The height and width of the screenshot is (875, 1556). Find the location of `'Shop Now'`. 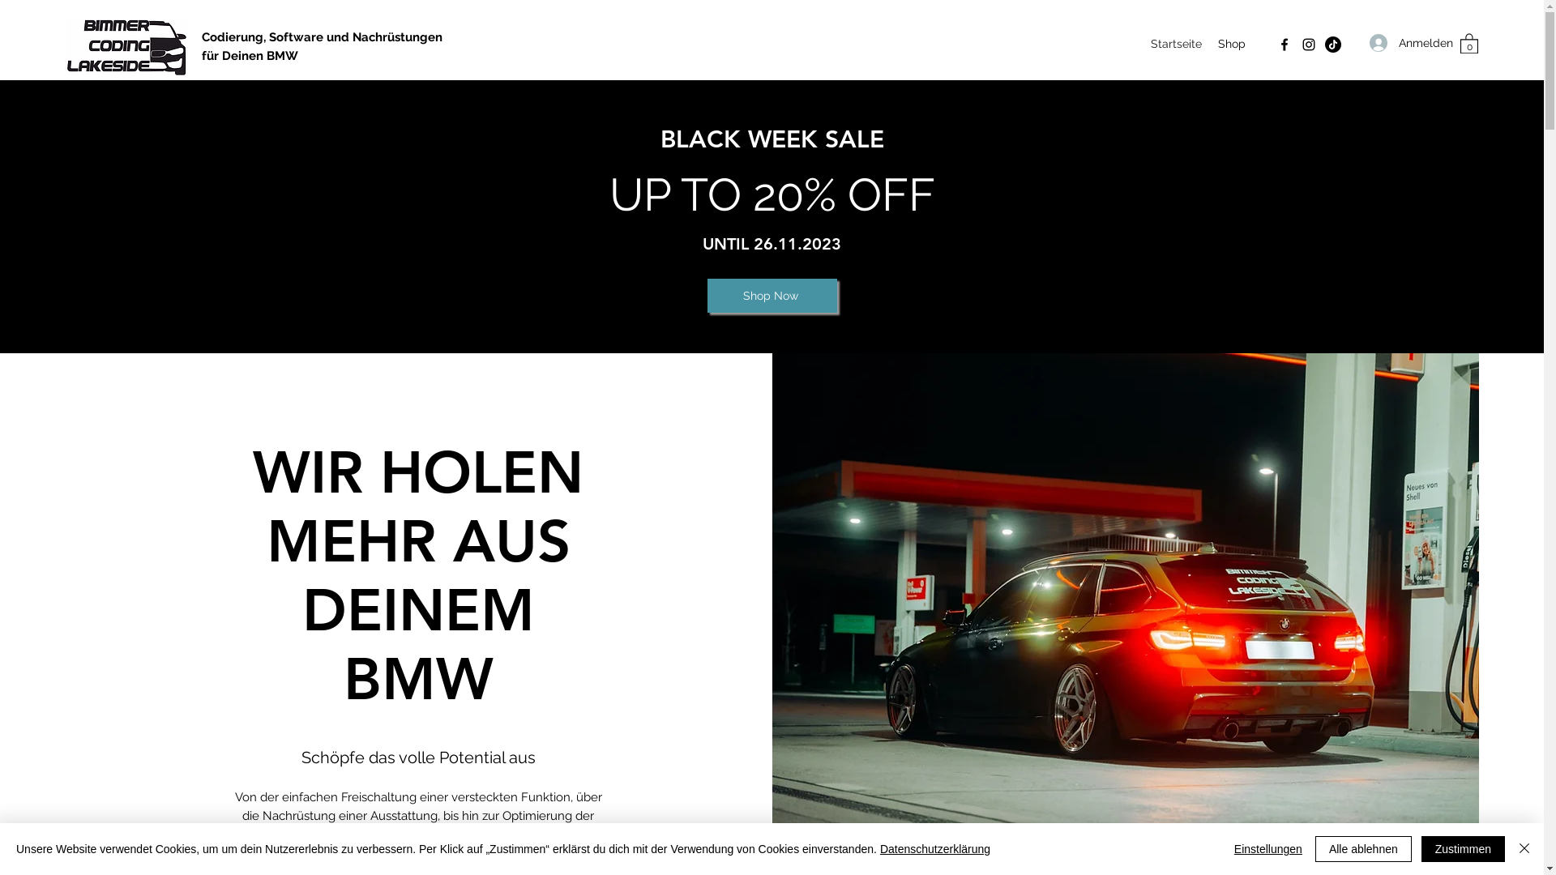

'Shop Now' is located at coordinates (770, 296).